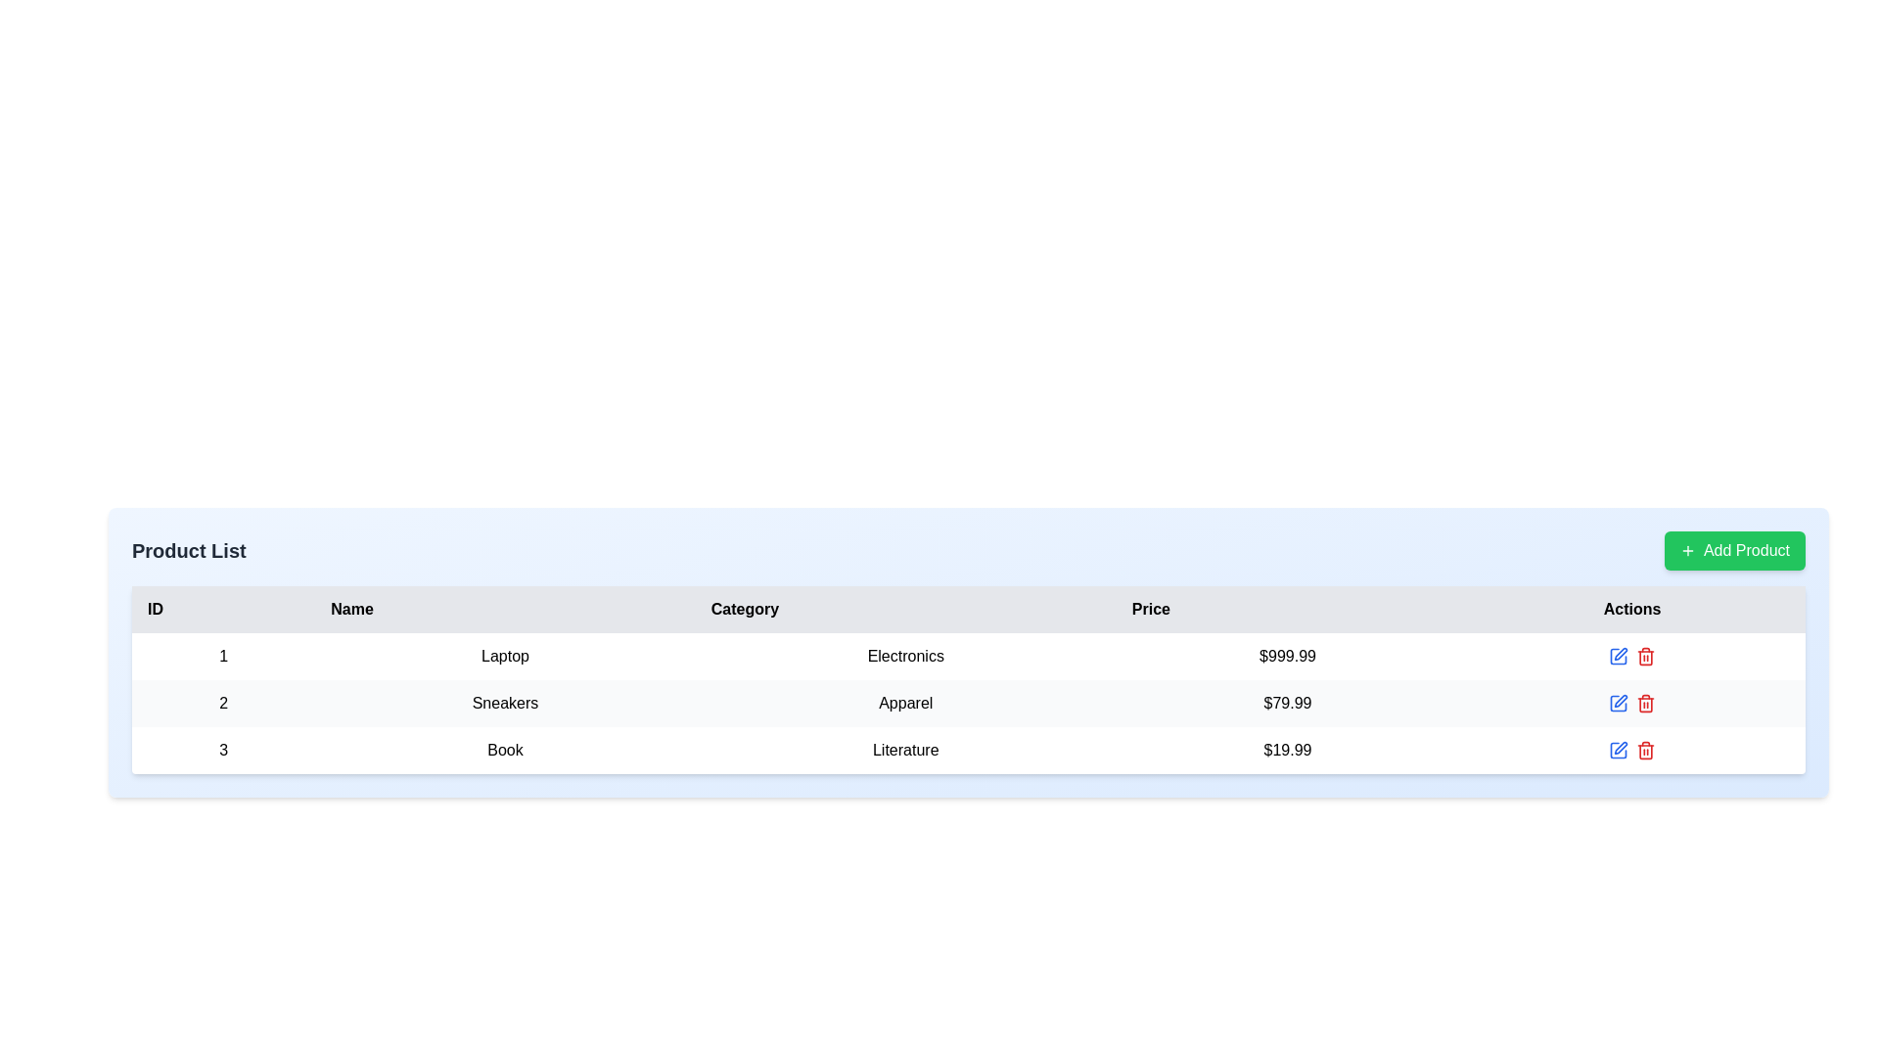 Image resolution: width=1879 pixels, height=1057 pixels. Describe the element at coordinates (1645, 750) in the screenshot. I see `the delete icon button in the 'Actions' column of the third row in the table` at that location.